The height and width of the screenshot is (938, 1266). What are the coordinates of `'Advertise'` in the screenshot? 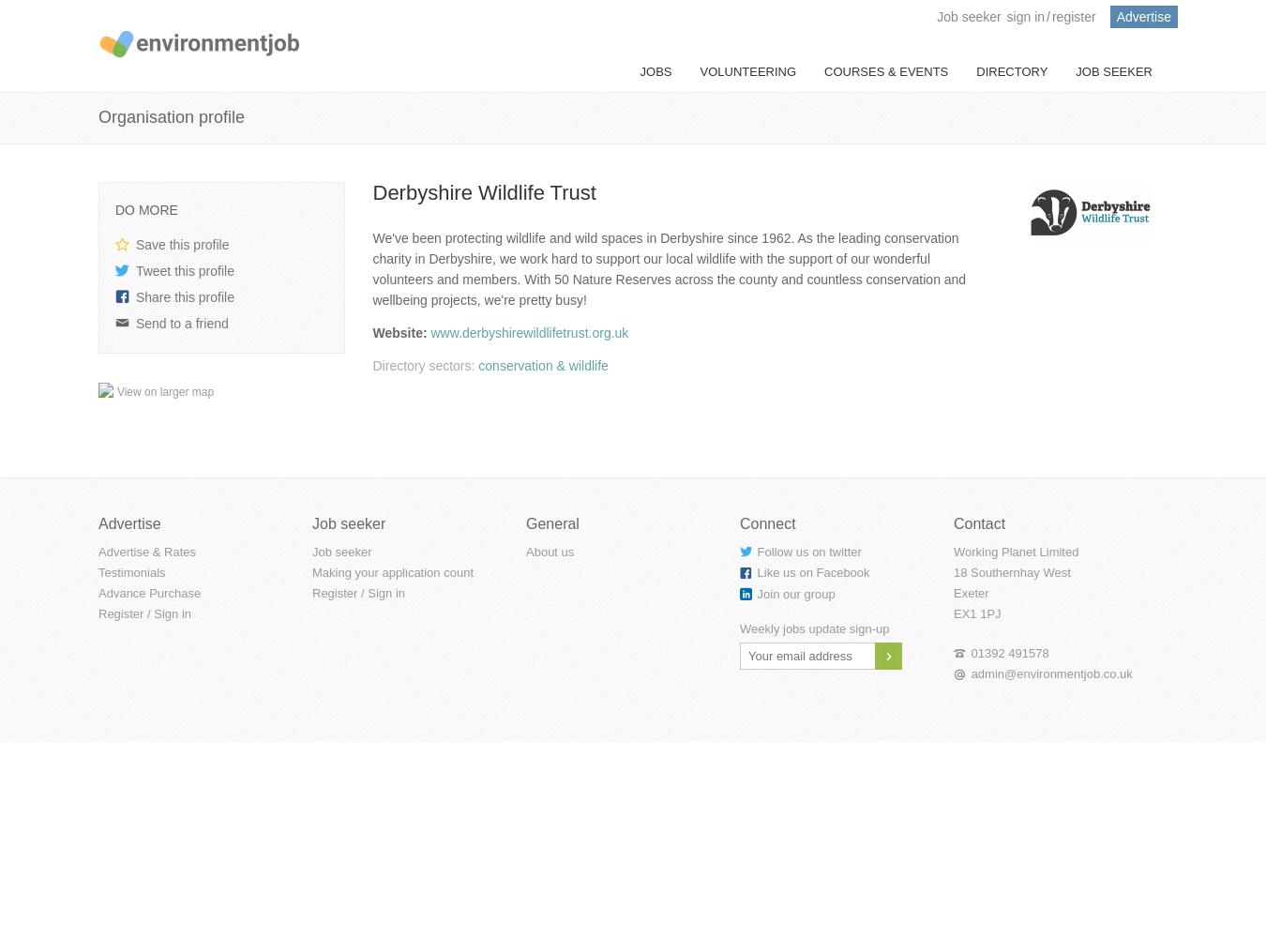 It's located at (1142, 17).